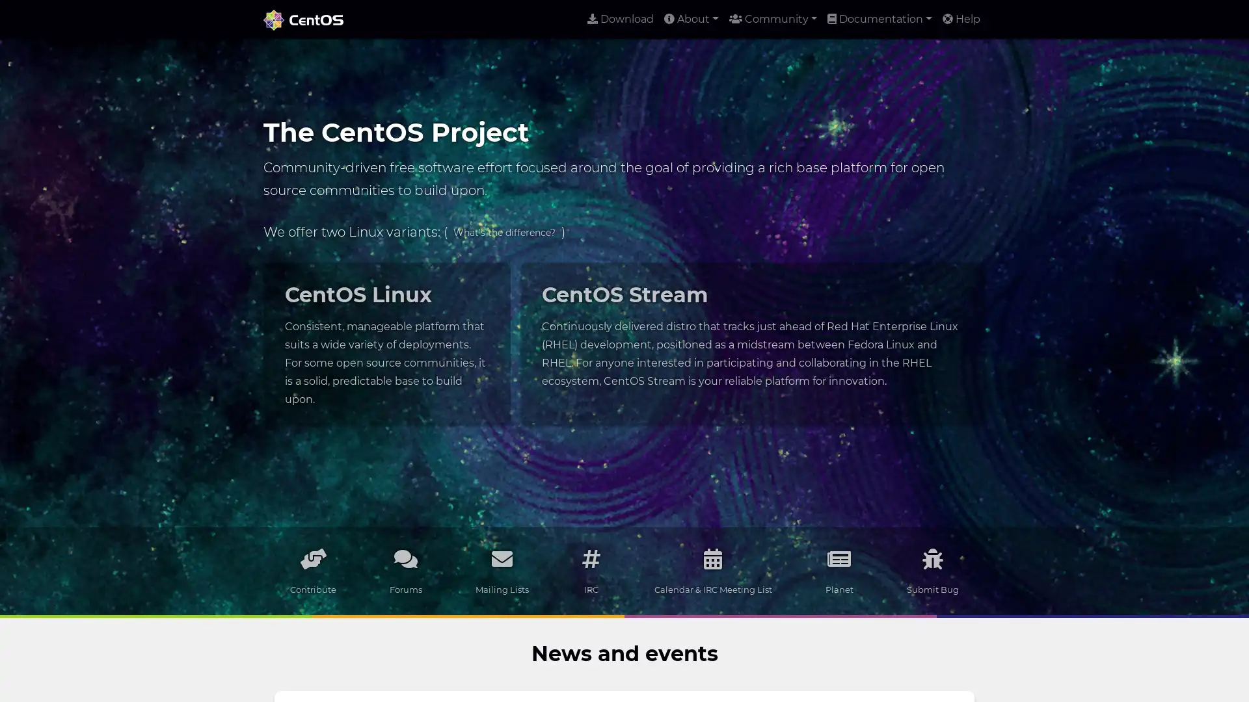  Describe the element at coordinates (405, 570) in the screenshot. I see `Forums` at that location.